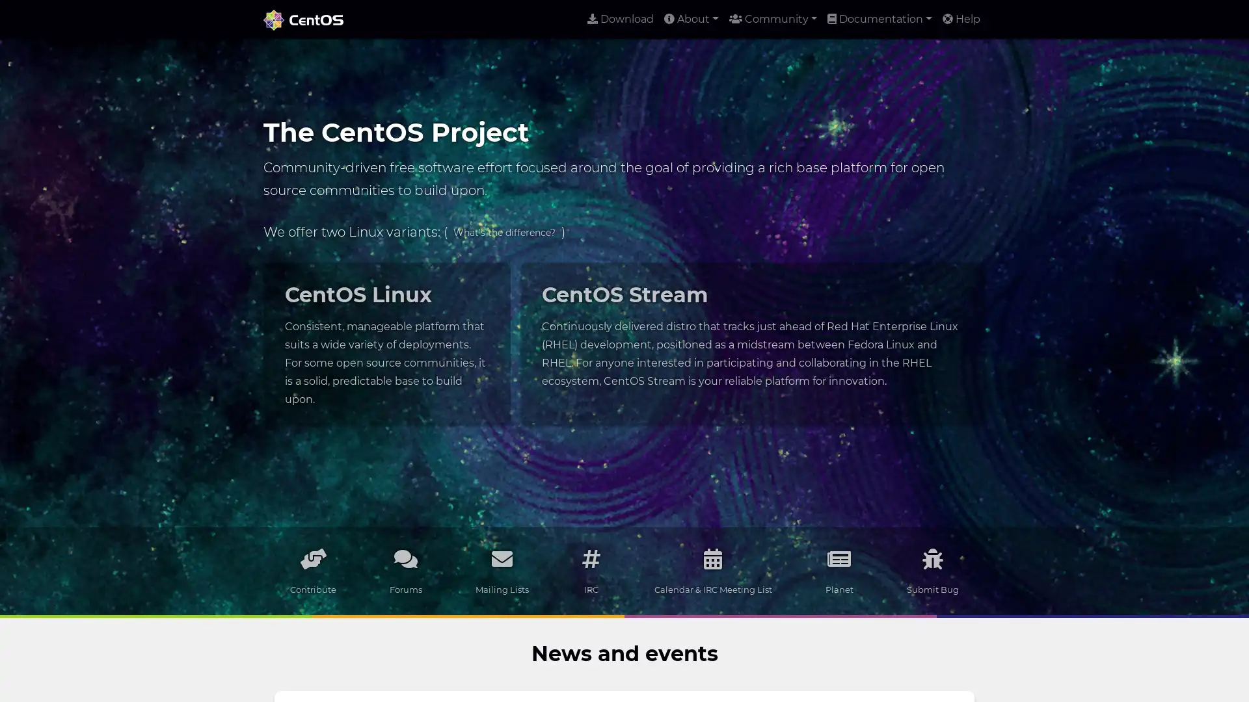  Describe the element at coordinates (405, 570) in the screenshot. I see `Forums` at that location.